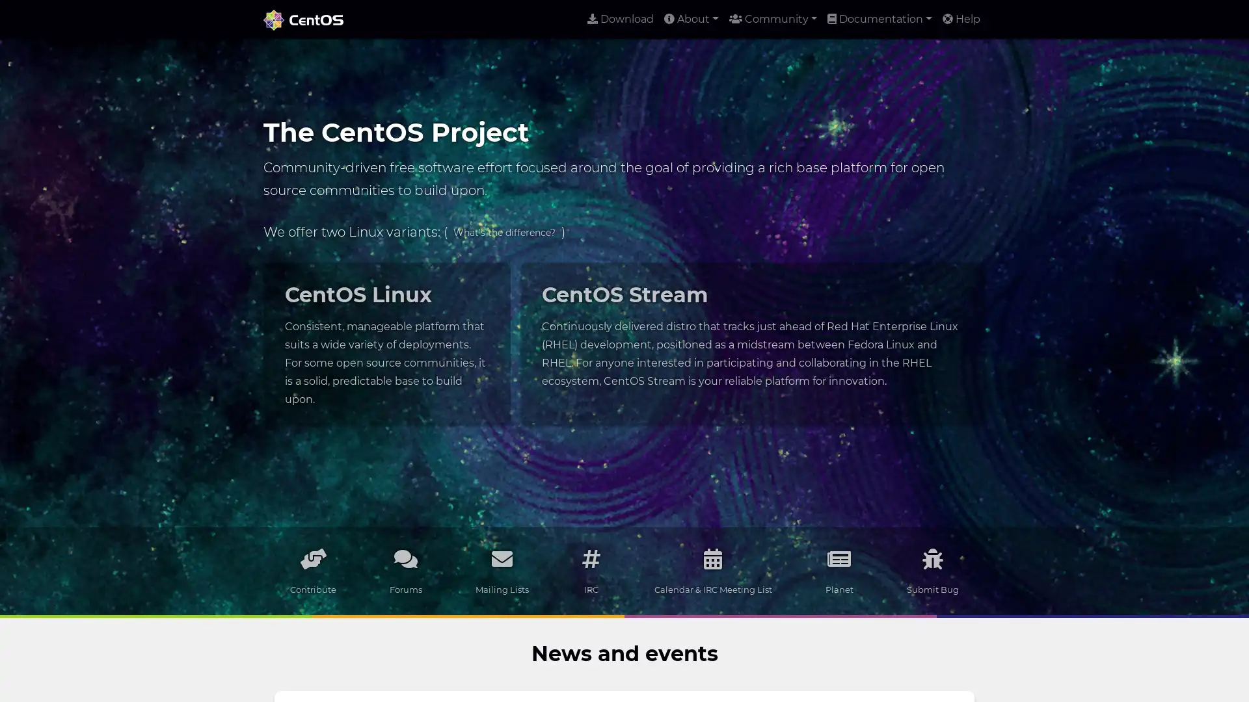  Describe the element at coordinates (405, 570) in the screenshot. I see `Forums` at that location.